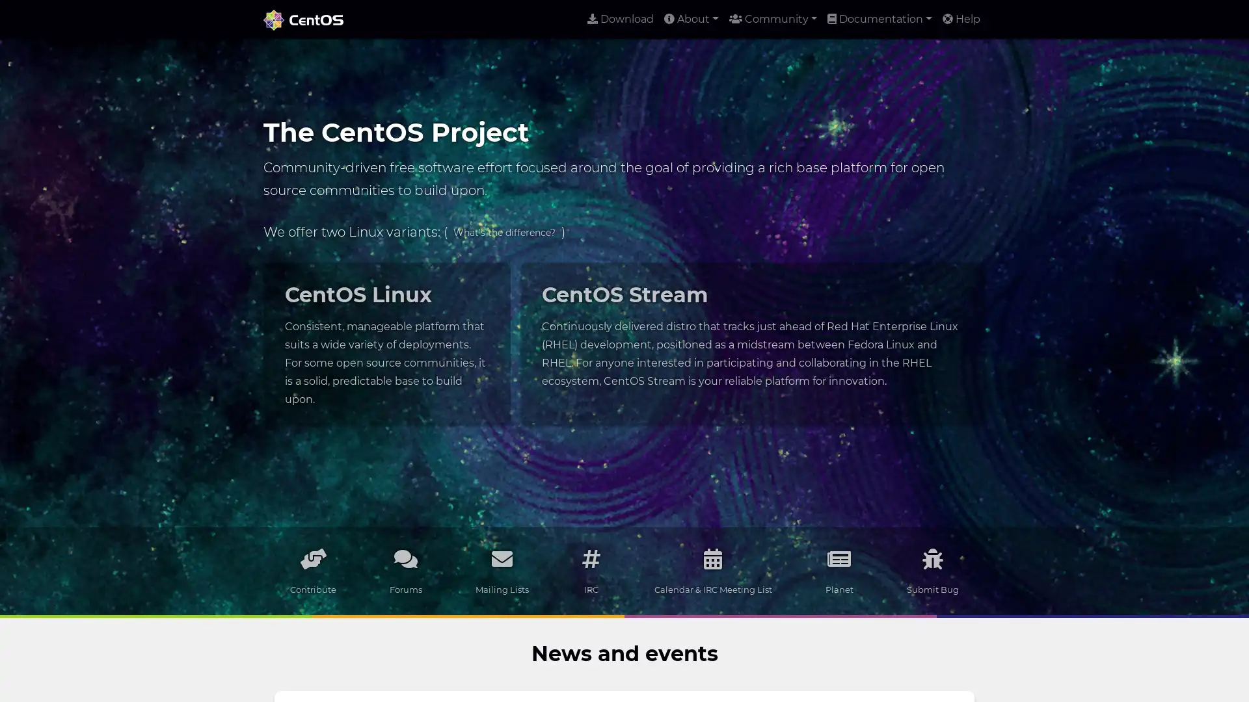  Describe the element at coordinates (405, 570) in the screenshot. I see `Forums` at that location.